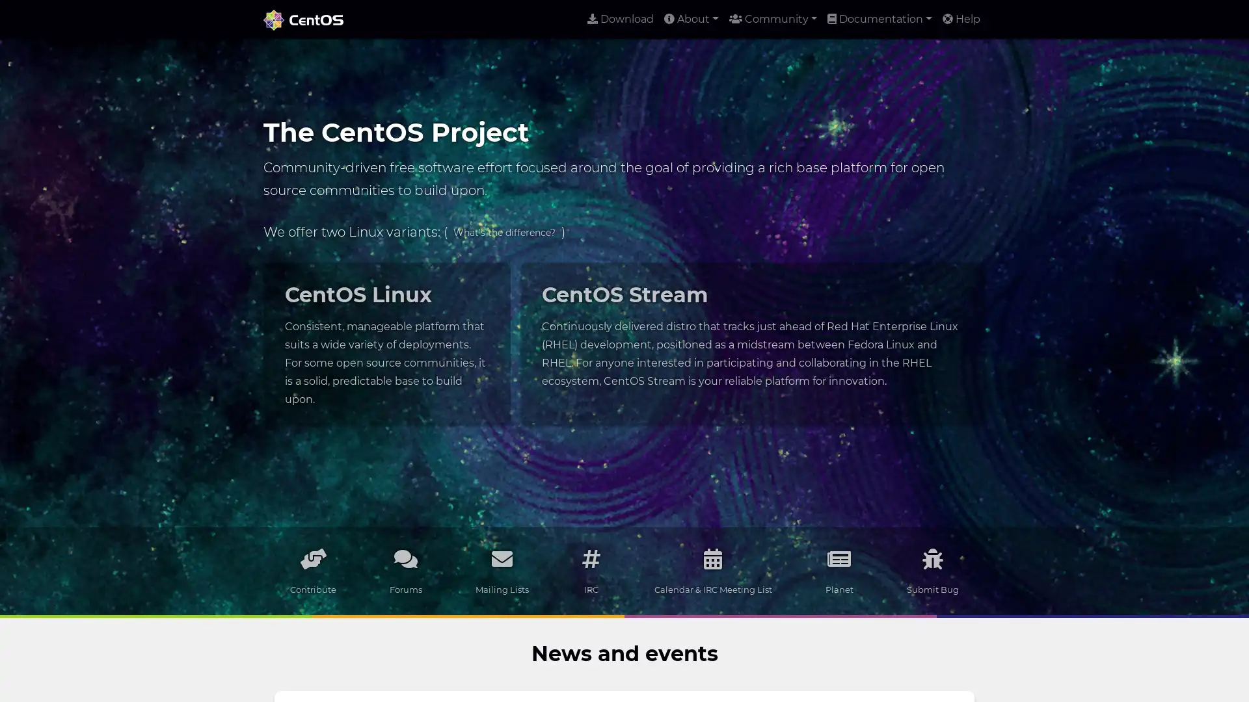  Describe the element at coordinates (405, 570) in the screenshot. I see `Forums` at that location.